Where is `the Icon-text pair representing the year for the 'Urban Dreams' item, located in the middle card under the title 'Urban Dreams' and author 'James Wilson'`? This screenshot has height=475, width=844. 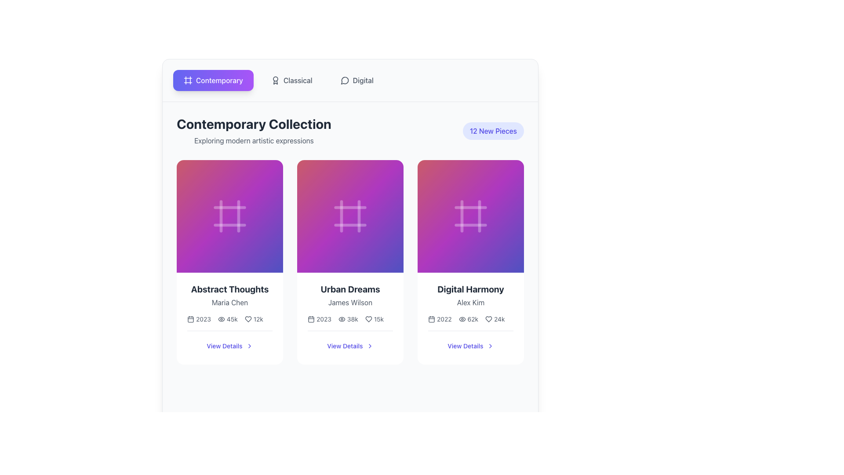
the Icon-text pair representing the year for the 'Urban Dreams' item, located in the middle card under the title 'Urban Dreams' and author 'James Wilson' is located at coordinates (319, 319).